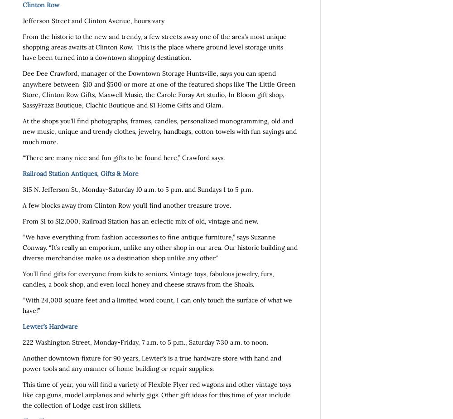 The image size is (453, 419). What do you see at coordinates (23, 205) in the screenshot?
I see `'A few blocks away from Clinton Row you’ll find another treasure trove.'` at bounding box center [23, 205].